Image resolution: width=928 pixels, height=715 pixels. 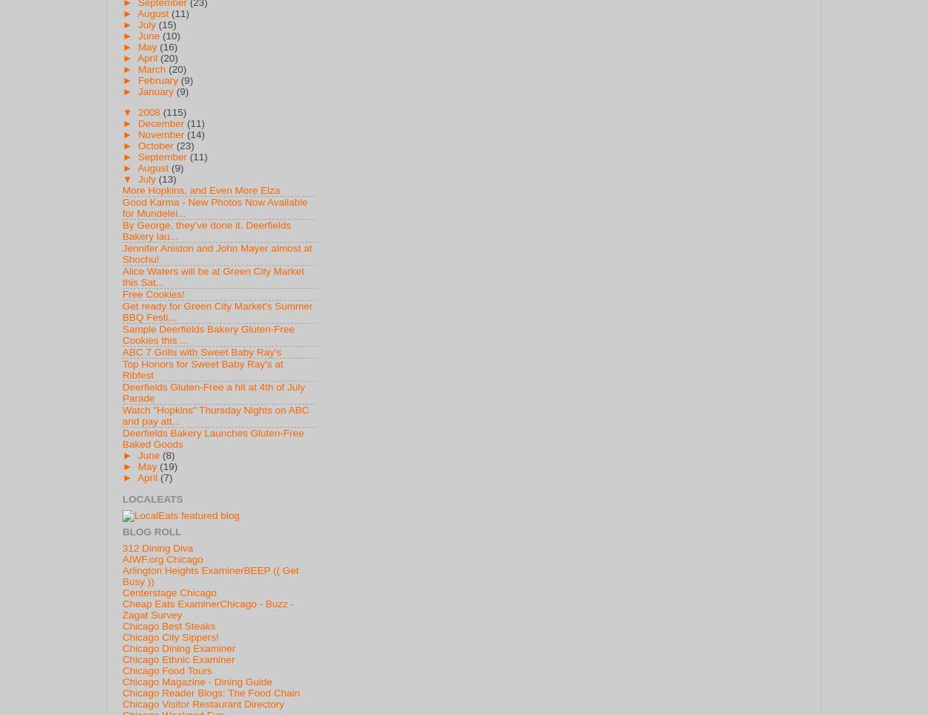 I want to click on '312 Dining Diva', so click(x=122, y=547).